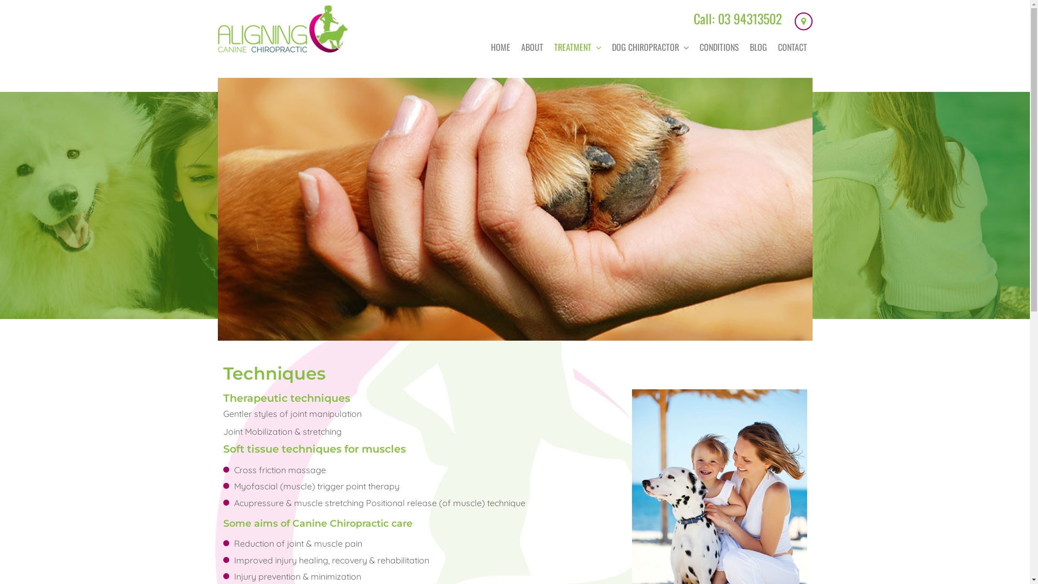 This screenshot has width=1038, height=584. I want to click on 'Call: 03 94313502', so click(736, 18).